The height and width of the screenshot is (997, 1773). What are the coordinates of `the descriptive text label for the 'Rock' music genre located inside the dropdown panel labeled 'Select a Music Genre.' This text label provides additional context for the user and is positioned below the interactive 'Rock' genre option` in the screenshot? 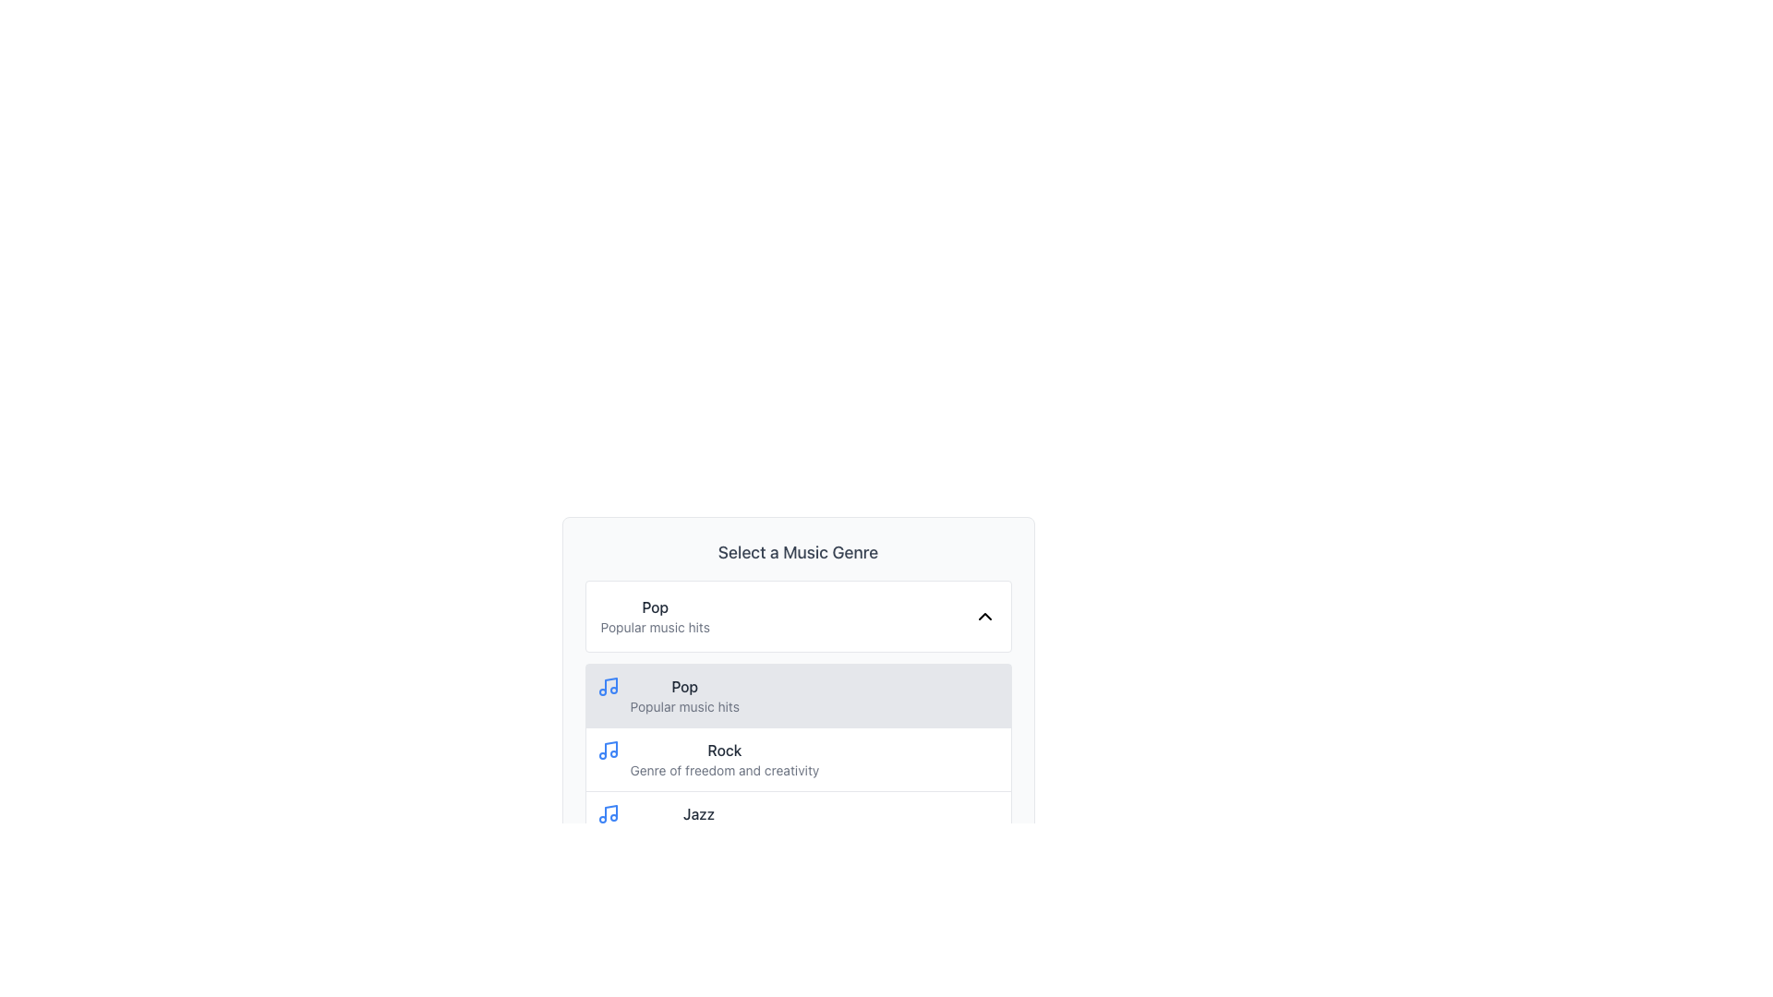 It's located at (723, 770).